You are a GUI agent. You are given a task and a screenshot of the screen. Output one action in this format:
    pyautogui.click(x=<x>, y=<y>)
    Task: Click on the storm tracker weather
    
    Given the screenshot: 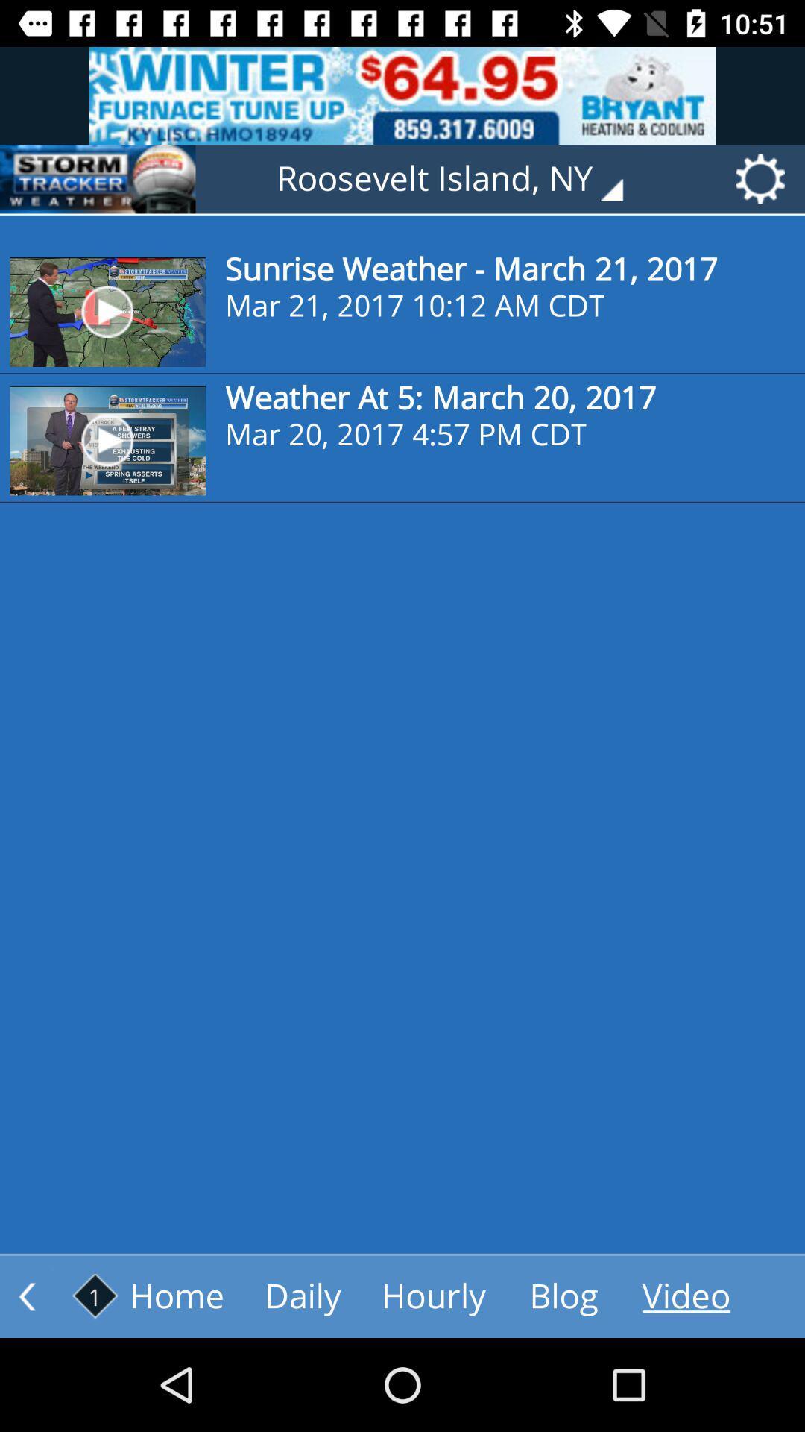 What is the action you would take?
    pyautogui.click(x=98, y=179)
    